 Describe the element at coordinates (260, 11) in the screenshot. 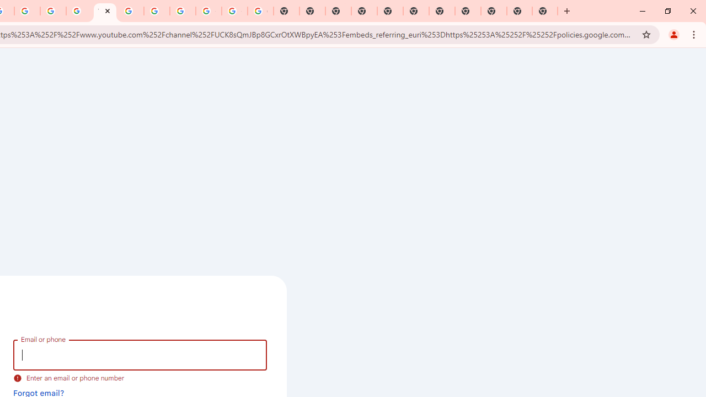

I see `'Google Images'` at that location.